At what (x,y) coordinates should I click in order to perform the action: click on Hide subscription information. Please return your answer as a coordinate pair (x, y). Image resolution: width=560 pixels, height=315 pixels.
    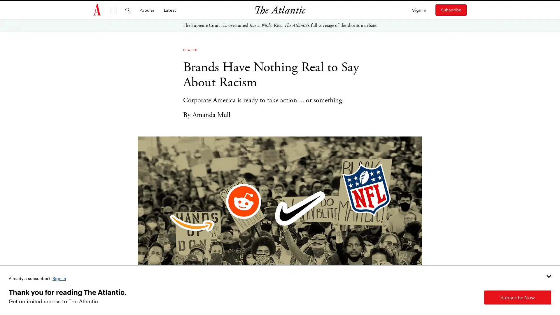
    Looking at the image, I should click on (548, 276).